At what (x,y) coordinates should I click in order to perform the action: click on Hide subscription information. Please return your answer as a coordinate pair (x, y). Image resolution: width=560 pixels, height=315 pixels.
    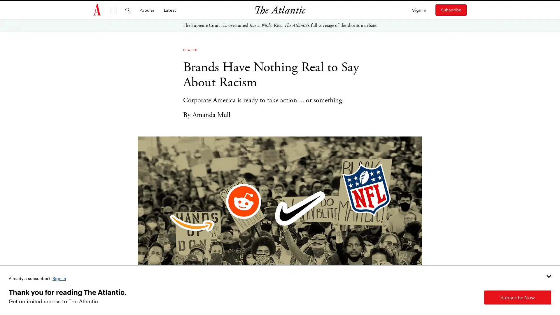
    Looking at the image, I should click on (548, 276).